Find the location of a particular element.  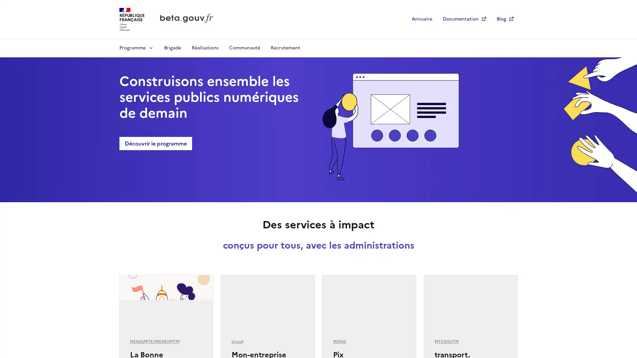

Programme is located at coordinates (136, 47).